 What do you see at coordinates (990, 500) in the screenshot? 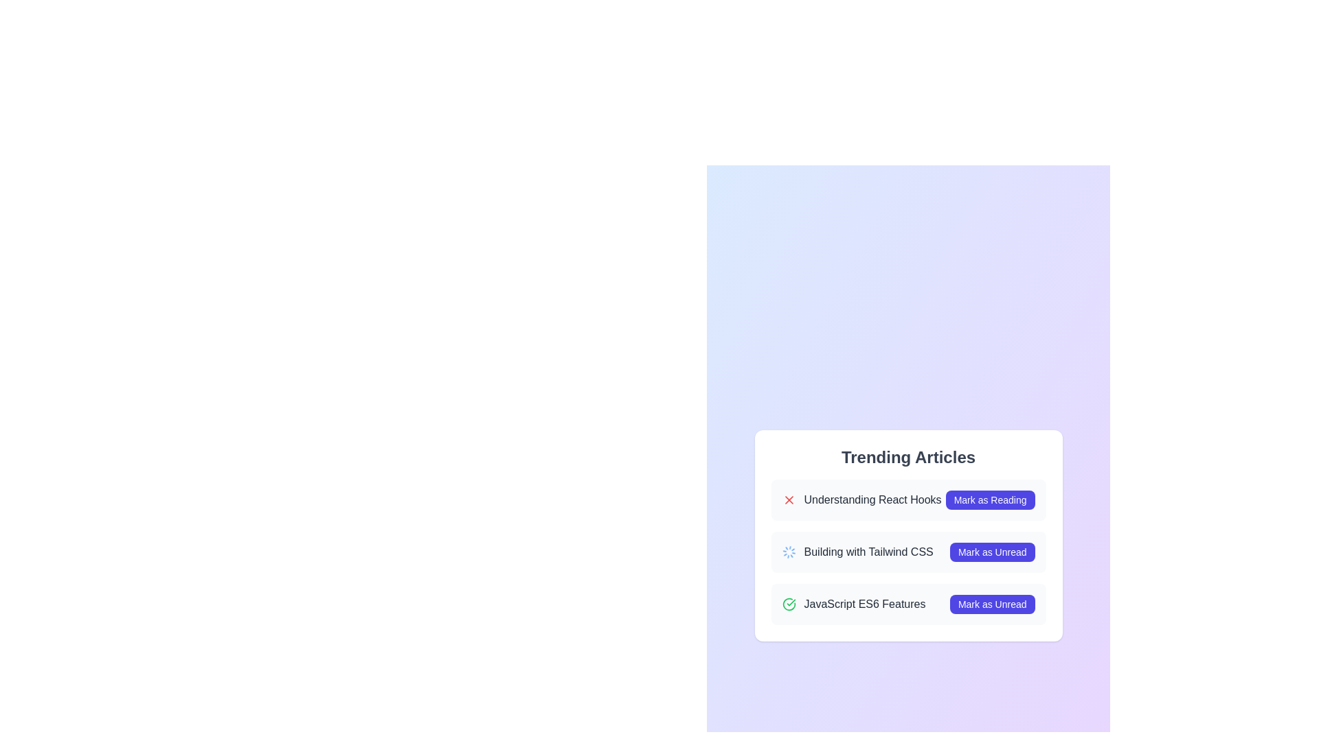
I see `the button that marks the article 'Understanding React Hooks' as read, located within the 'Trending Articles' section` at bounding box center [990, 500].